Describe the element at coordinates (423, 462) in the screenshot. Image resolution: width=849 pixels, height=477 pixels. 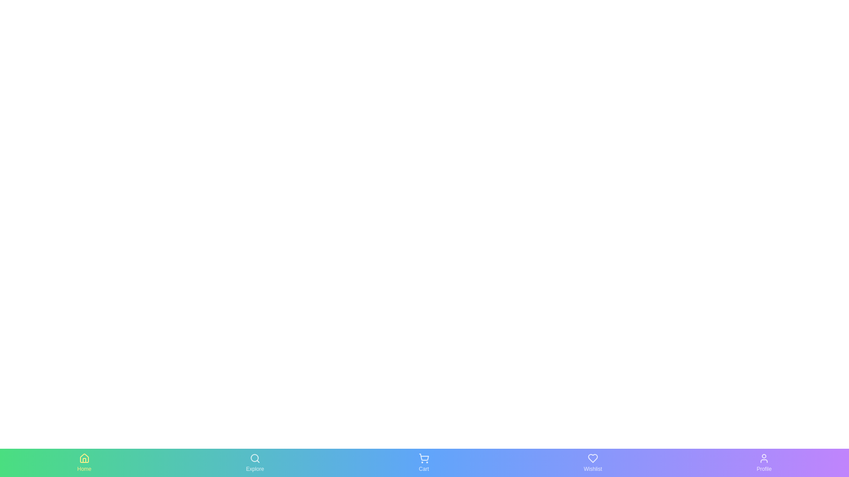
I see `the icon labeled Cart` at that location.